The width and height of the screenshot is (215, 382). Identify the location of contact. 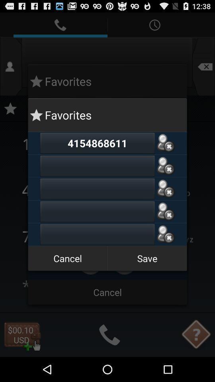
(97, 189).